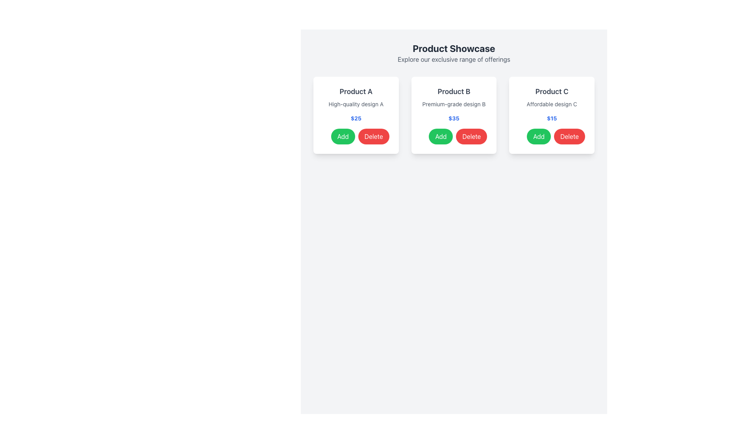 The image size is (756, 425). I want to click on the price text label displaying the price of 'Product A', positioned beneath the description 'High-quality design A' and above the 'Add' and 'Delete' buttons, so click(356, 118).